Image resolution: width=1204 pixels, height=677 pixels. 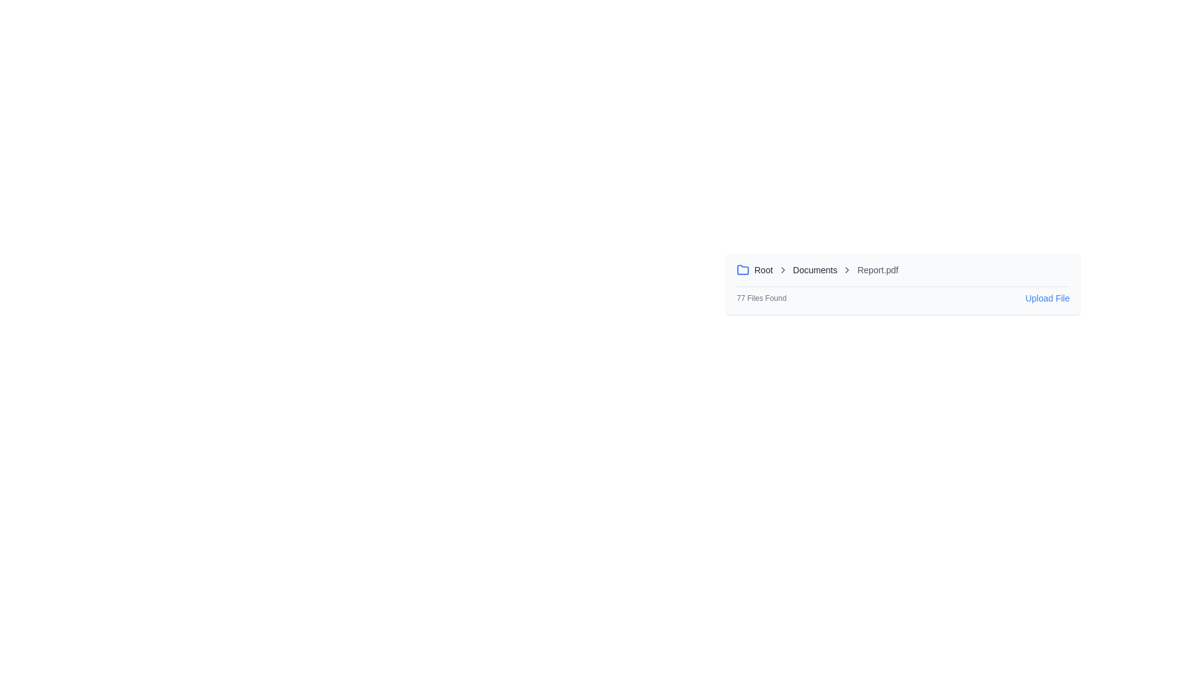 I want to click on the breadcrumb navigation, so click(x=903, y=270).